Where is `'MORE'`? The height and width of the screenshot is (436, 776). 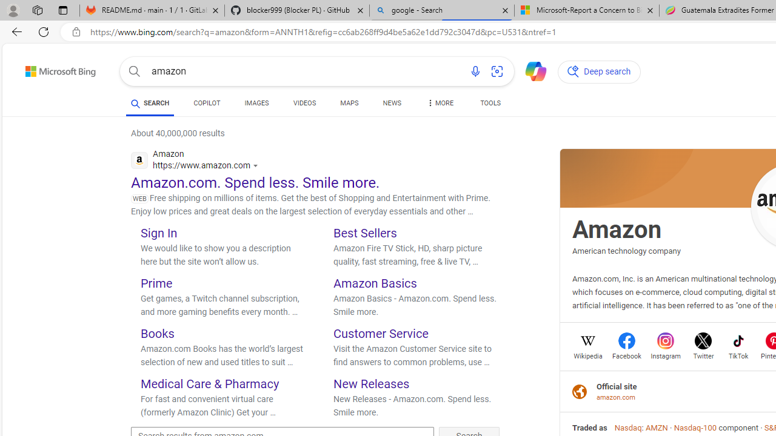
'MORE' is located at coordinates (438, 104).